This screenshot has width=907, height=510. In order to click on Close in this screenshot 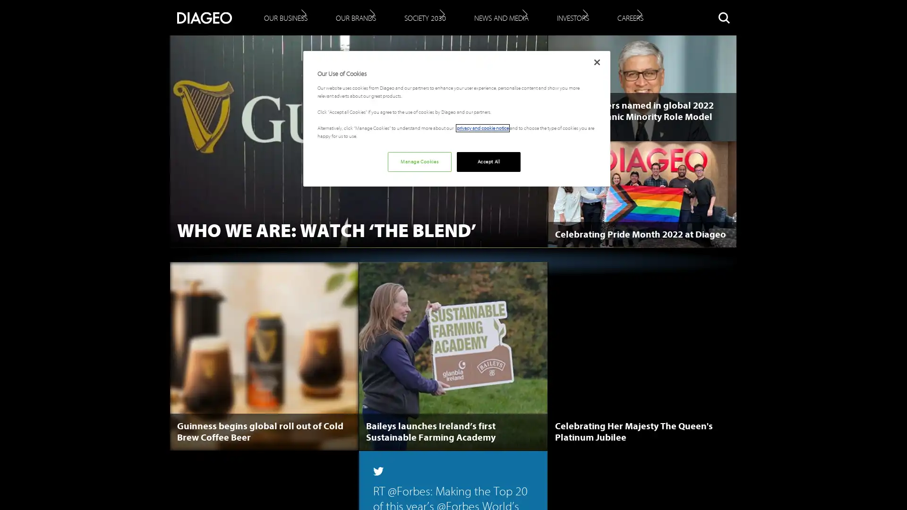, I will do `click(596, 62)`.